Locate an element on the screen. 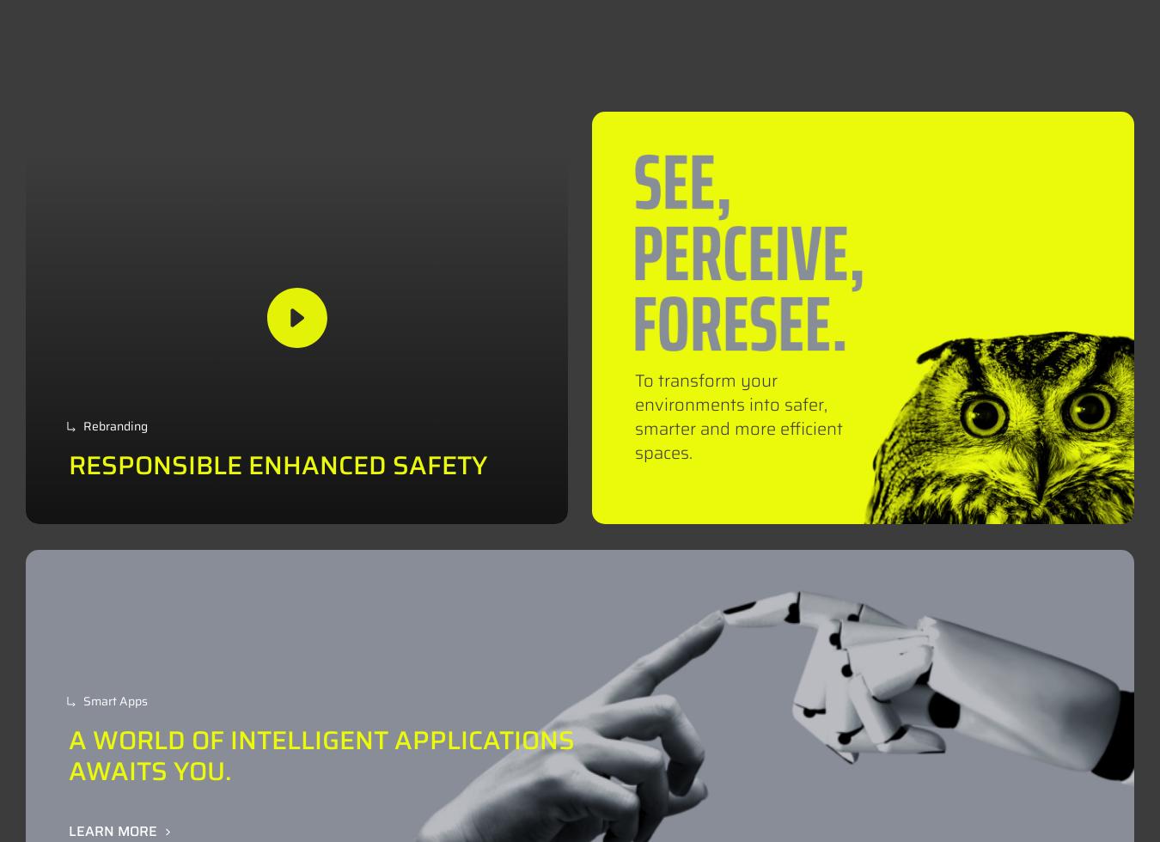  '18.10.2023' is located at coordinates (405, 736).